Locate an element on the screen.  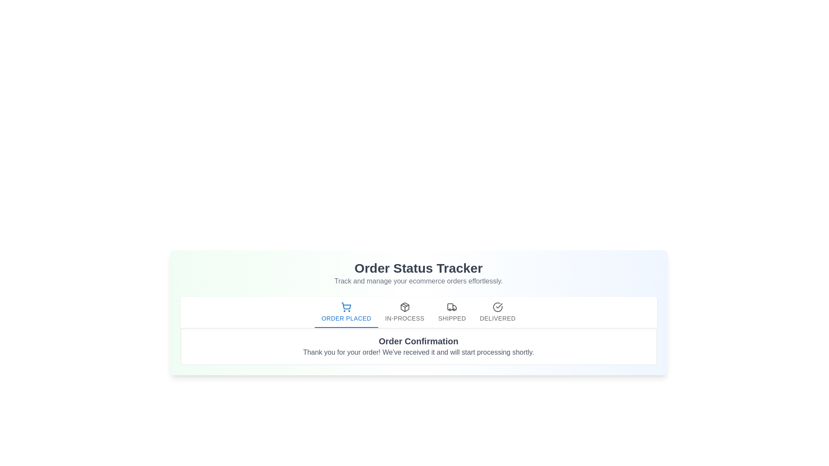
the descriptive subtitle text label located below the 'Order Status Tracker' title, which provides context about the functionality of the section is located at coordinates (418, 281).